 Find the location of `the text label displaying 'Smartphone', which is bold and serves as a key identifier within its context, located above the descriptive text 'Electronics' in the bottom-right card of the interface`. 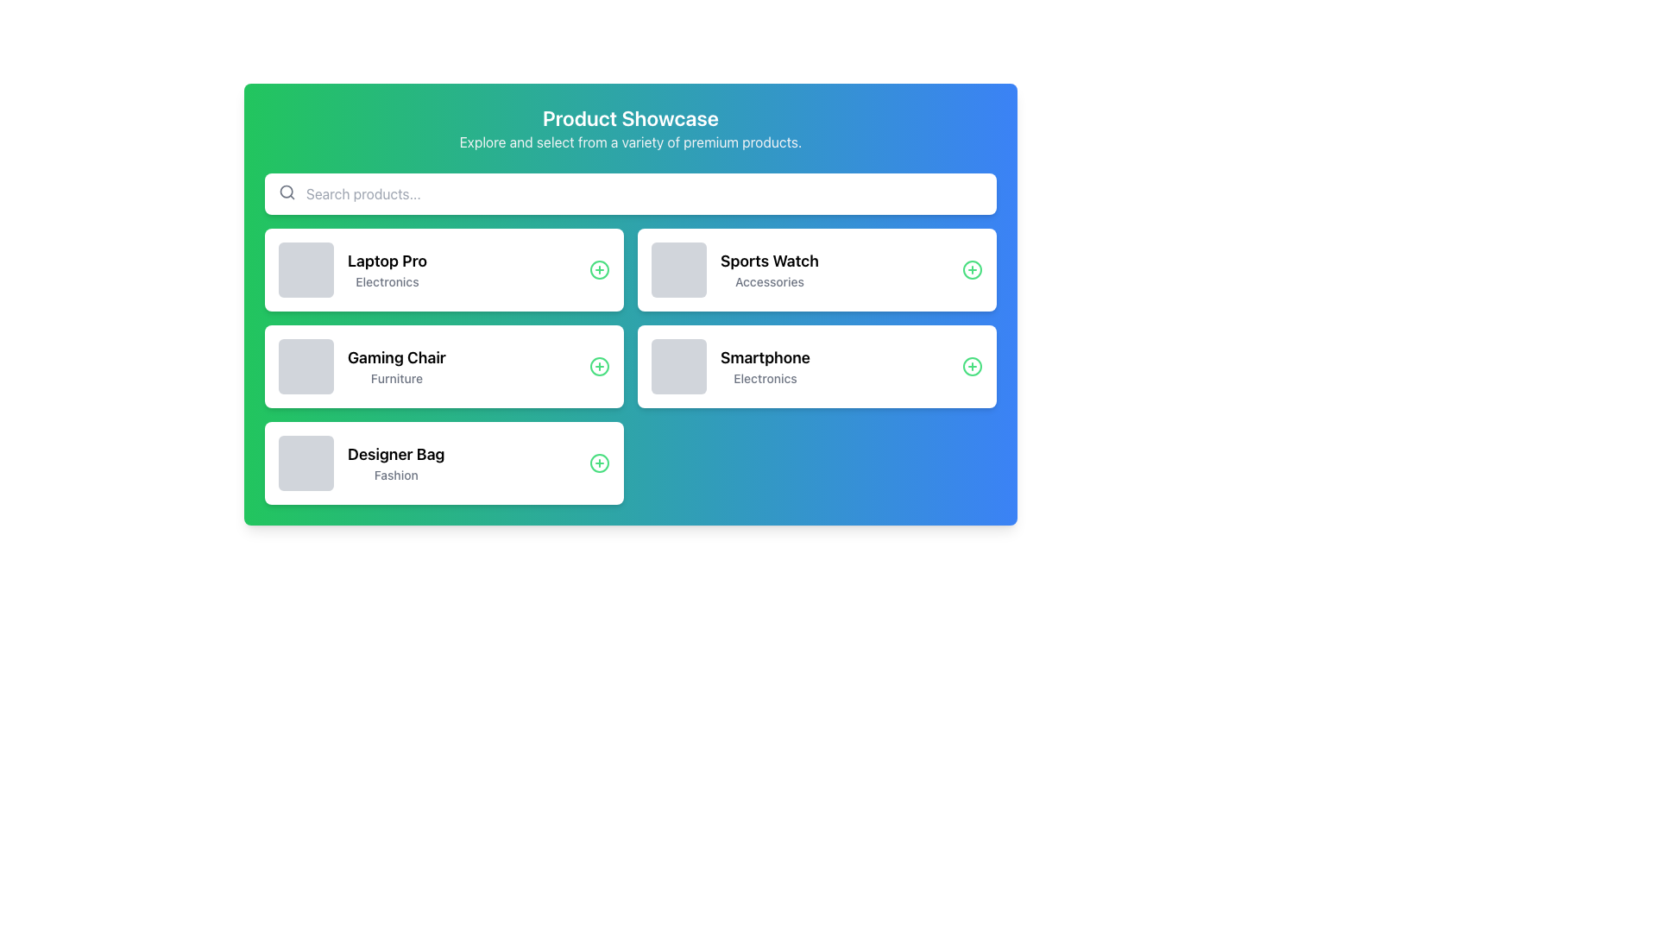

the text label displaying 'Smartphone', which is bold and serves as a key identifier within its context, located above the descriptive text 'Electronics' in the bottom-right card of the interface is located at coordinates (765, 357).